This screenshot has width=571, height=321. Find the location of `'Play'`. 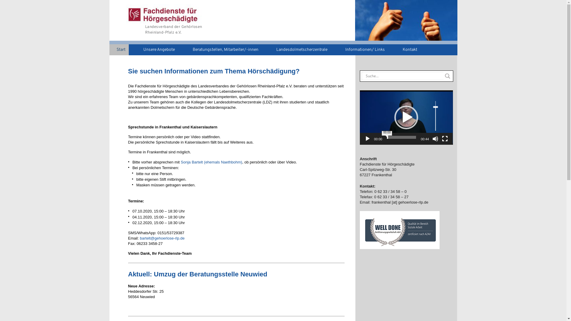

'Play' is located at coordinates (367, 139).